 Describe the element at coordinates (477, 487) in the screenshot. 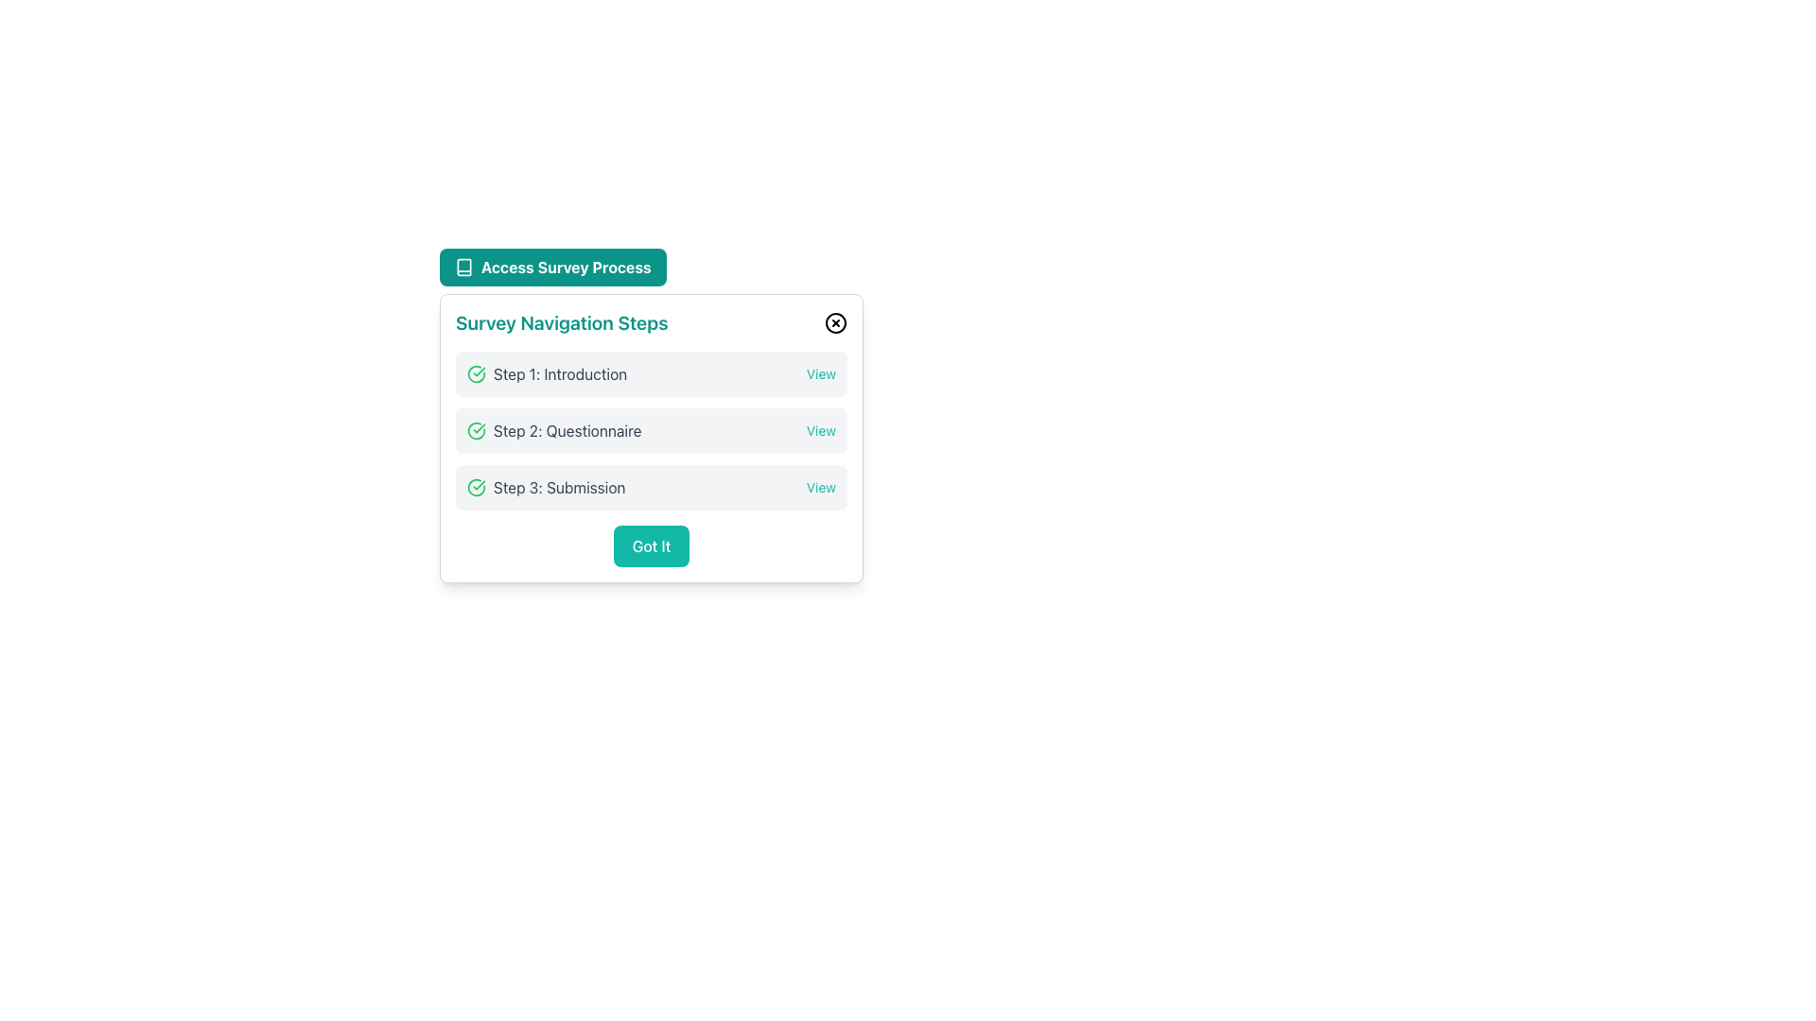

I see `the status of the 'Submission' step in the survey navigation by interacting with its completion icon located next to 'Step 3: Submission'` at that location.